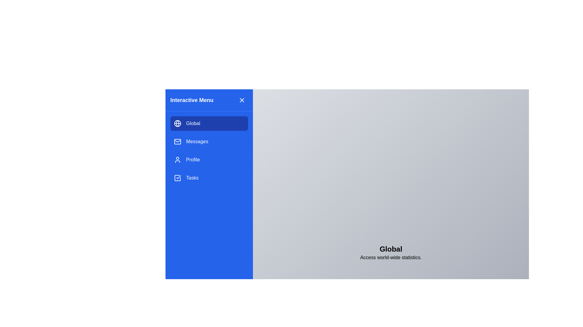 The height and width of the screenshot is (327, 583). I want to click on the 'Profile' menu item, which is the third item in the vertical menu list, so click(209, 160).